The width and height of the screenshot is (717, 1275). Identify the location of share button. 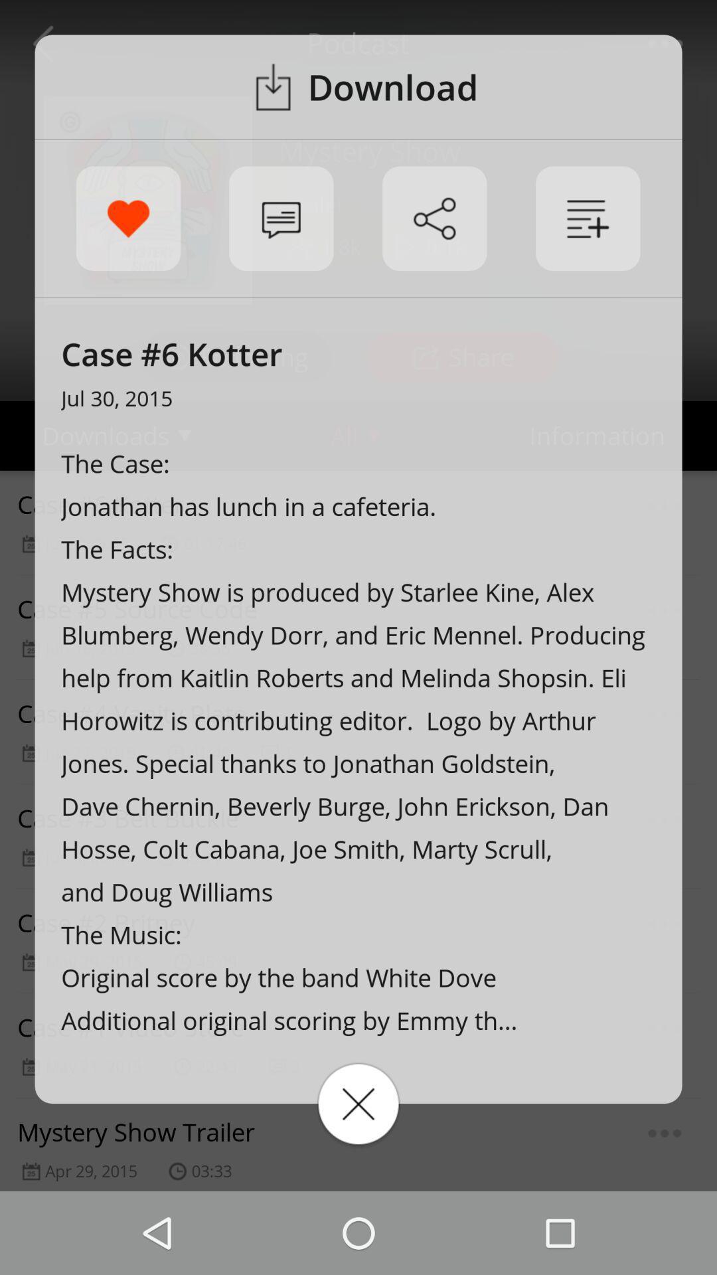
(434, 218).